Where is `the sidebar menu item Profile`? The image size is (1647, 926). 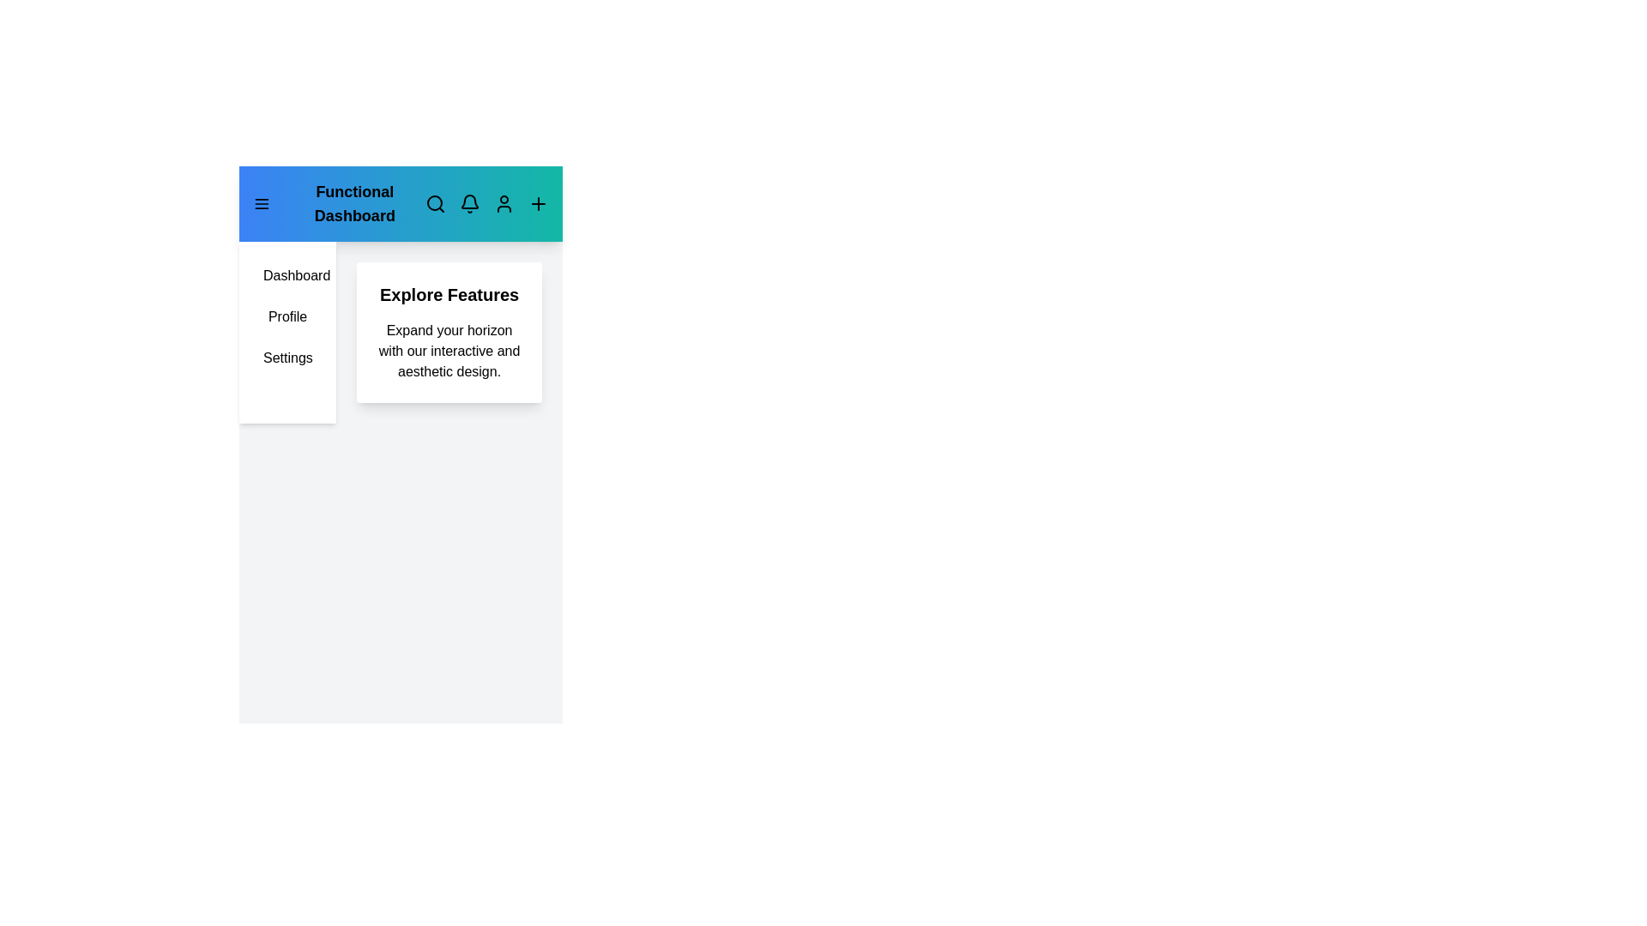
the sidebar menu item Profile is located at coordinates (287, 317).